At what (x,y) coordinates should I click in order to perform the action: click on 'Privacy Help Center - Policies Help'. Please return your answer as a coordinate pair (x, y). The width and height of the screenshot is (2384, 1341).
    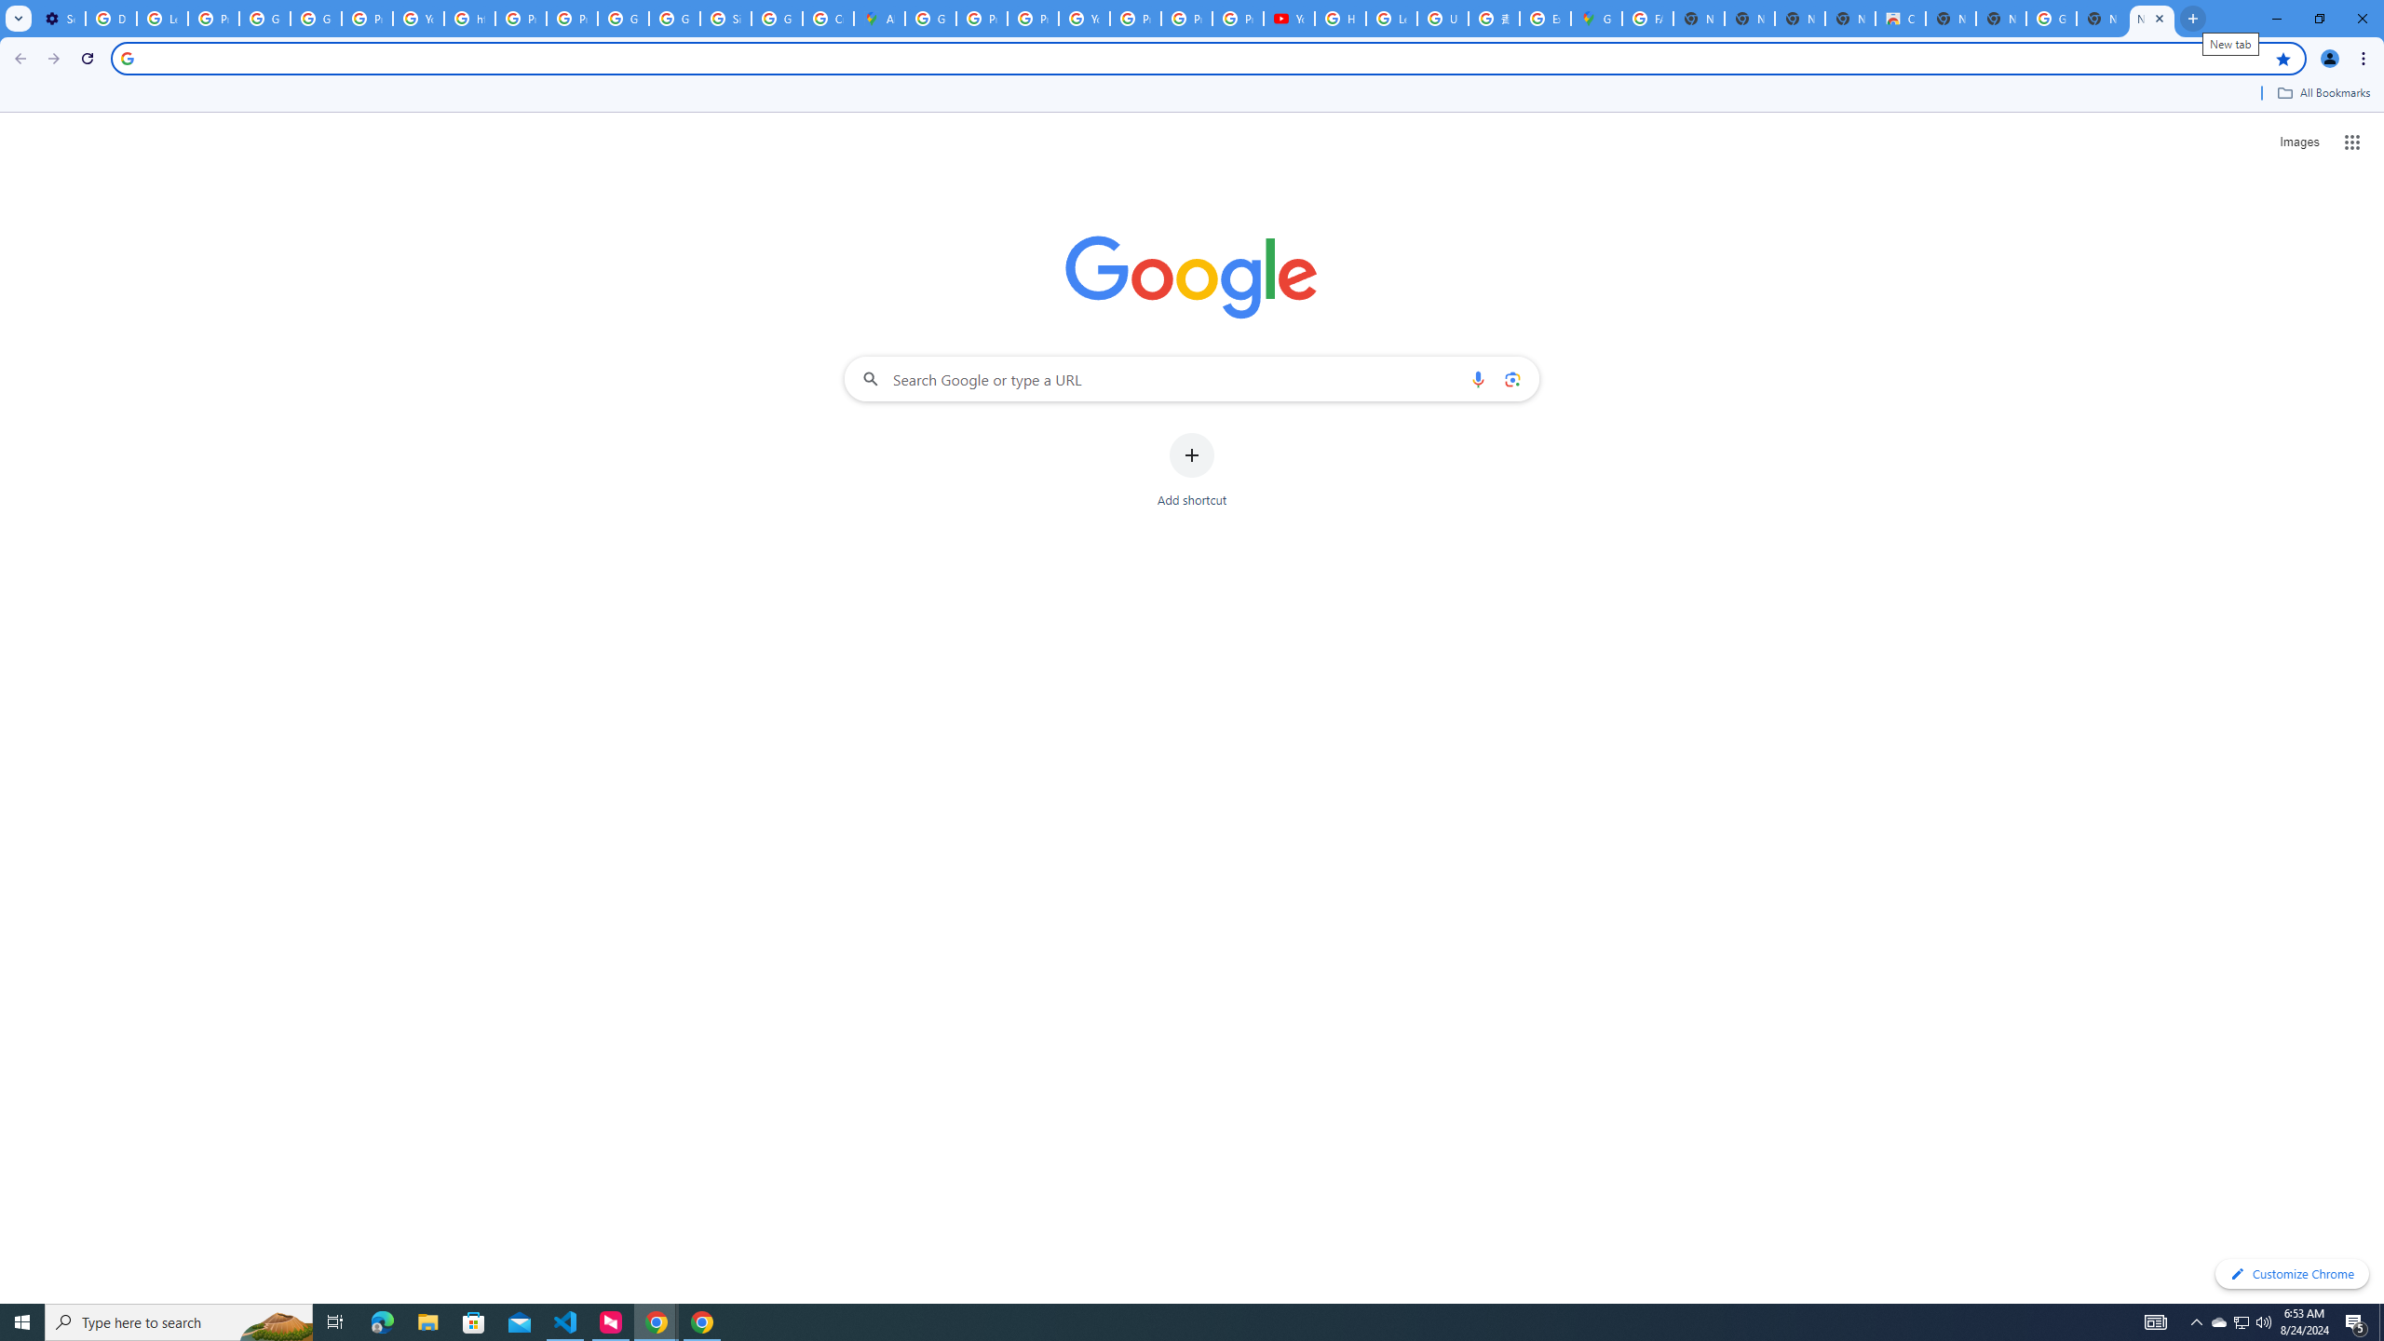
    Looking at the image, I should click on (1032, 18).